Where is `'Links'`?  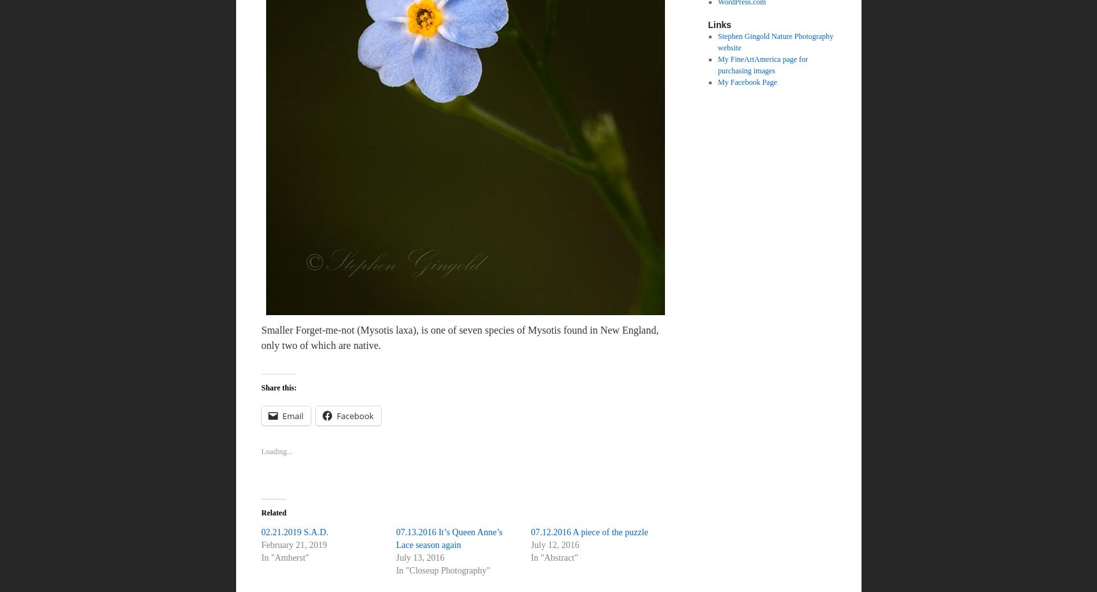 'Links' is located at coordinates (719, 24).